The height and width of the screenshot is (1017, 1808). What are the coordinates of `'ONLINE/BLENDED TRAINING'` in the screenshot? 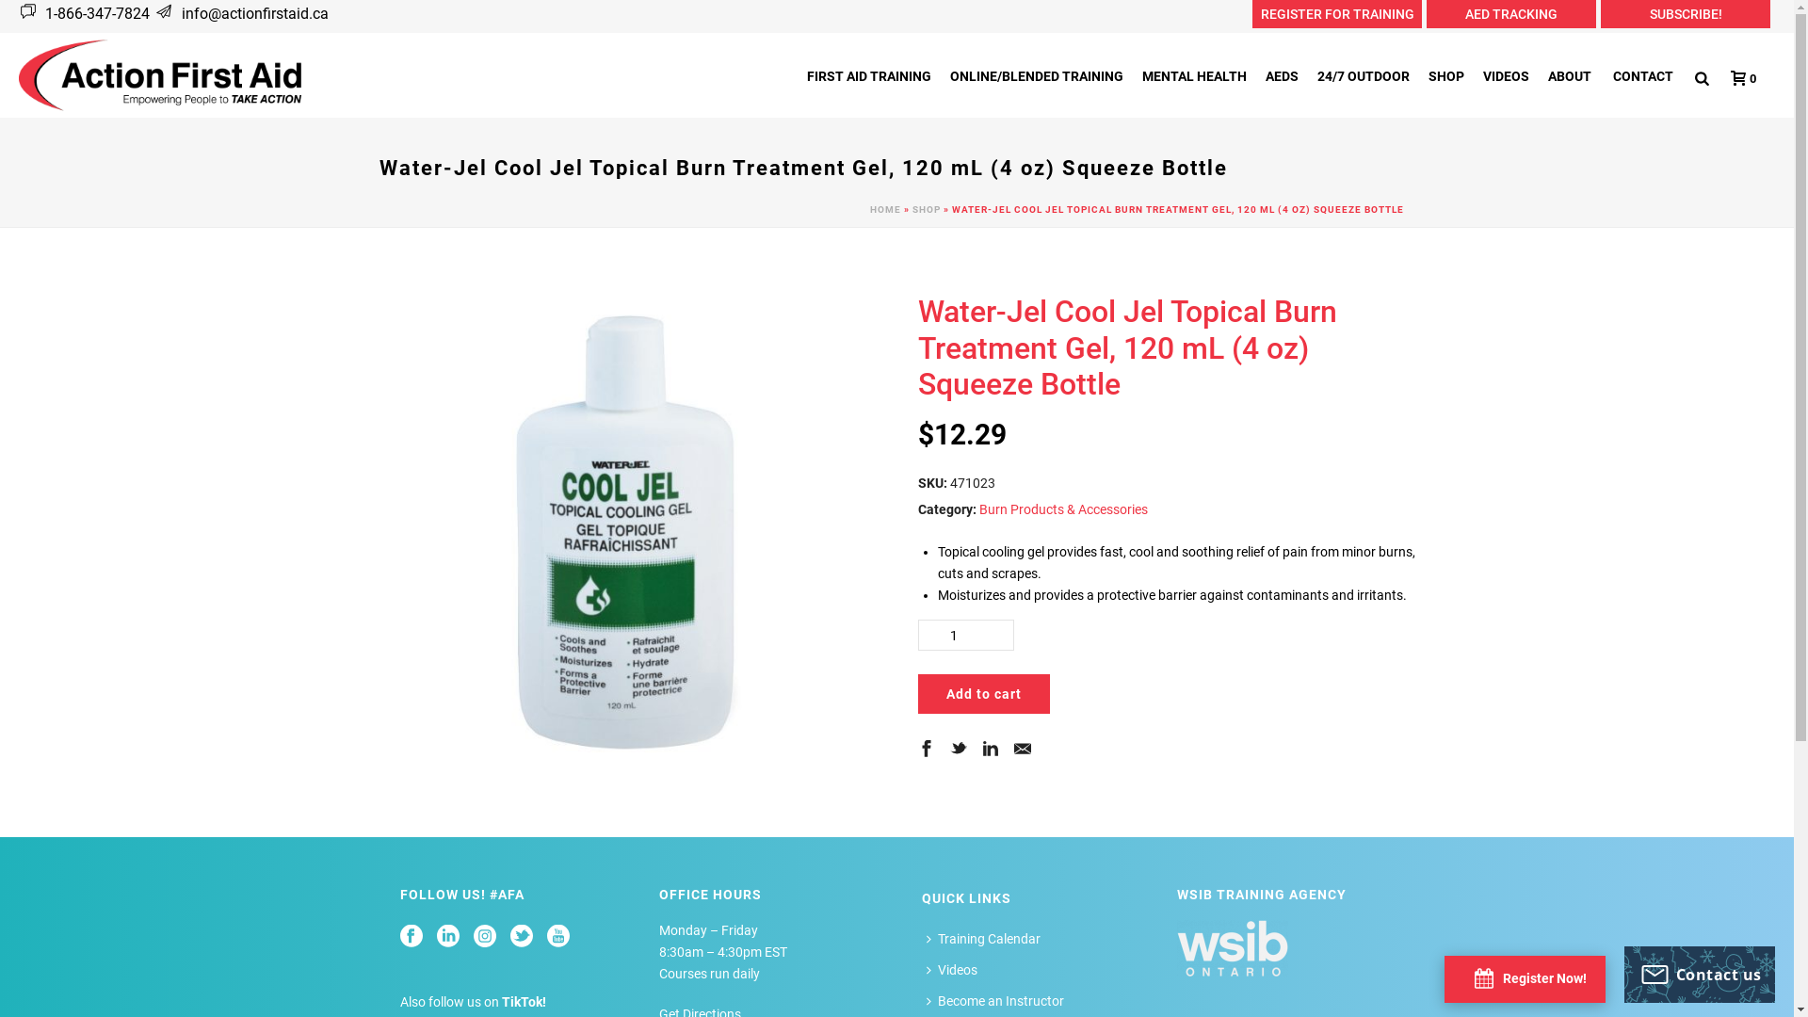 It's located at (940, 75).